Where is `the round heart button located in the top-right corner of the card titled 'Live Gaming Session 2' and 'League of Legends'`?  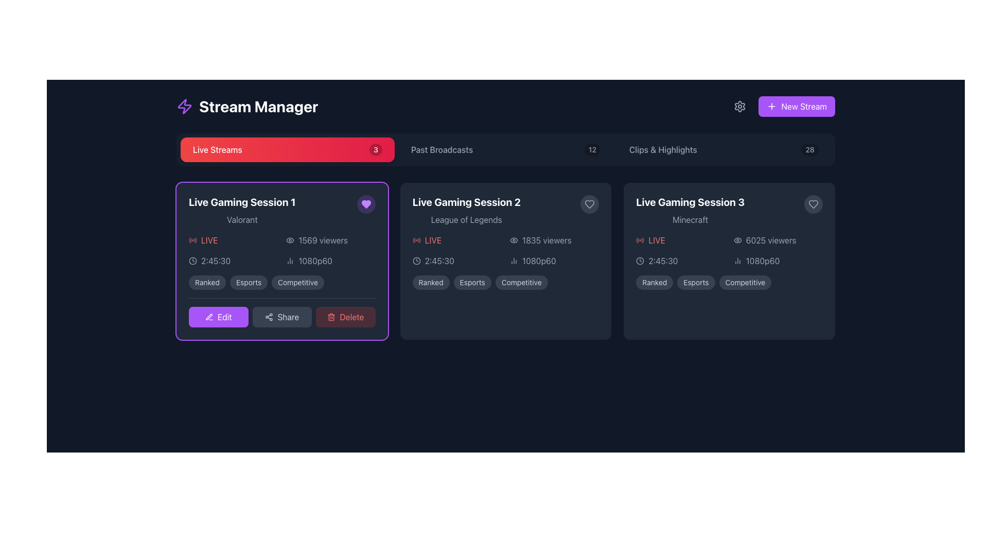 the round heart button located in the top-right corner of the card titled 'Live Gaming Session 2' and 'League of Legends' is located at coordinates (590, 204).